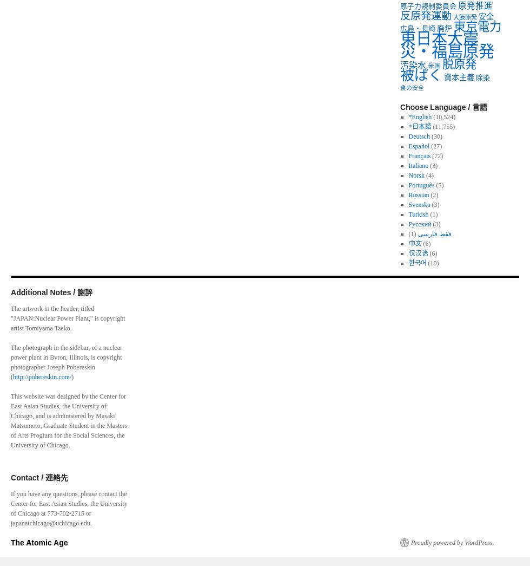  Describe the element at coordinates (408, 117) in the screenshot. I see `'*English'` at that location.